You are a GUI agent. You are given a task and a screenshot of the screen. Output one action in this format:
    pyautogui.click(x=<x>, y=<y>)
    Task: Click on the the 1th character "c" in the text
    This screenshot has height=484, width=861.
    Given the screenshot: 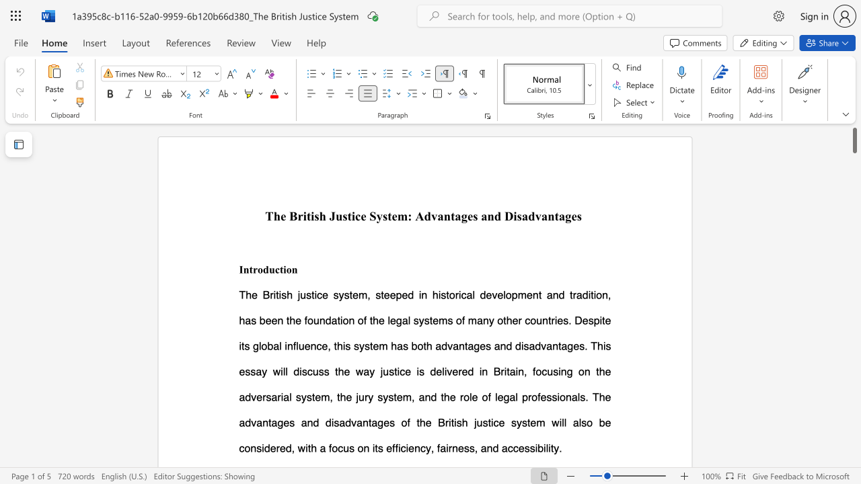 What is the action you would take?
    pyautogui.click(x=276, y=269)
    